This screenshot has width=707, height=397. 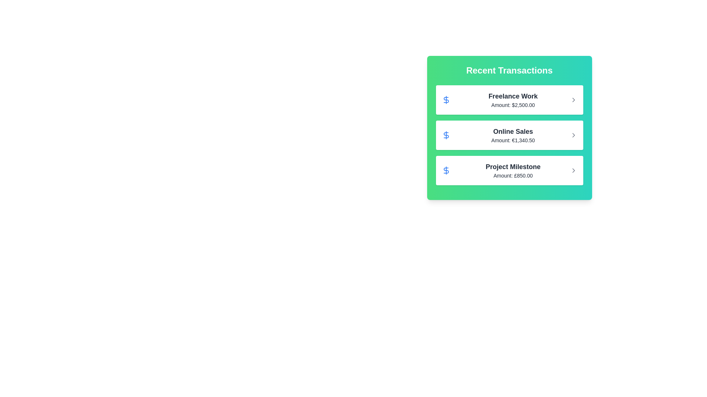 I want to click on the blue dollar sign icon which is part of the 'Online Sales' transaction details, located in the second row to the left of the text 'Online Sales Amount: €1,340.50', so click(x=446, y=135).